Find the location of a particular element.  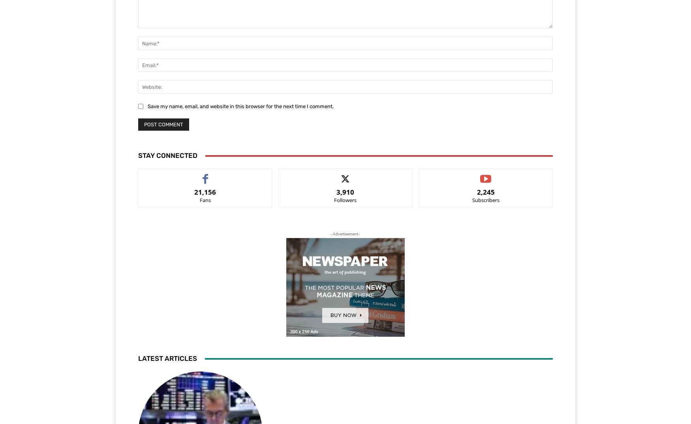

'Stay Connected' is located at coordinates (167, 156).